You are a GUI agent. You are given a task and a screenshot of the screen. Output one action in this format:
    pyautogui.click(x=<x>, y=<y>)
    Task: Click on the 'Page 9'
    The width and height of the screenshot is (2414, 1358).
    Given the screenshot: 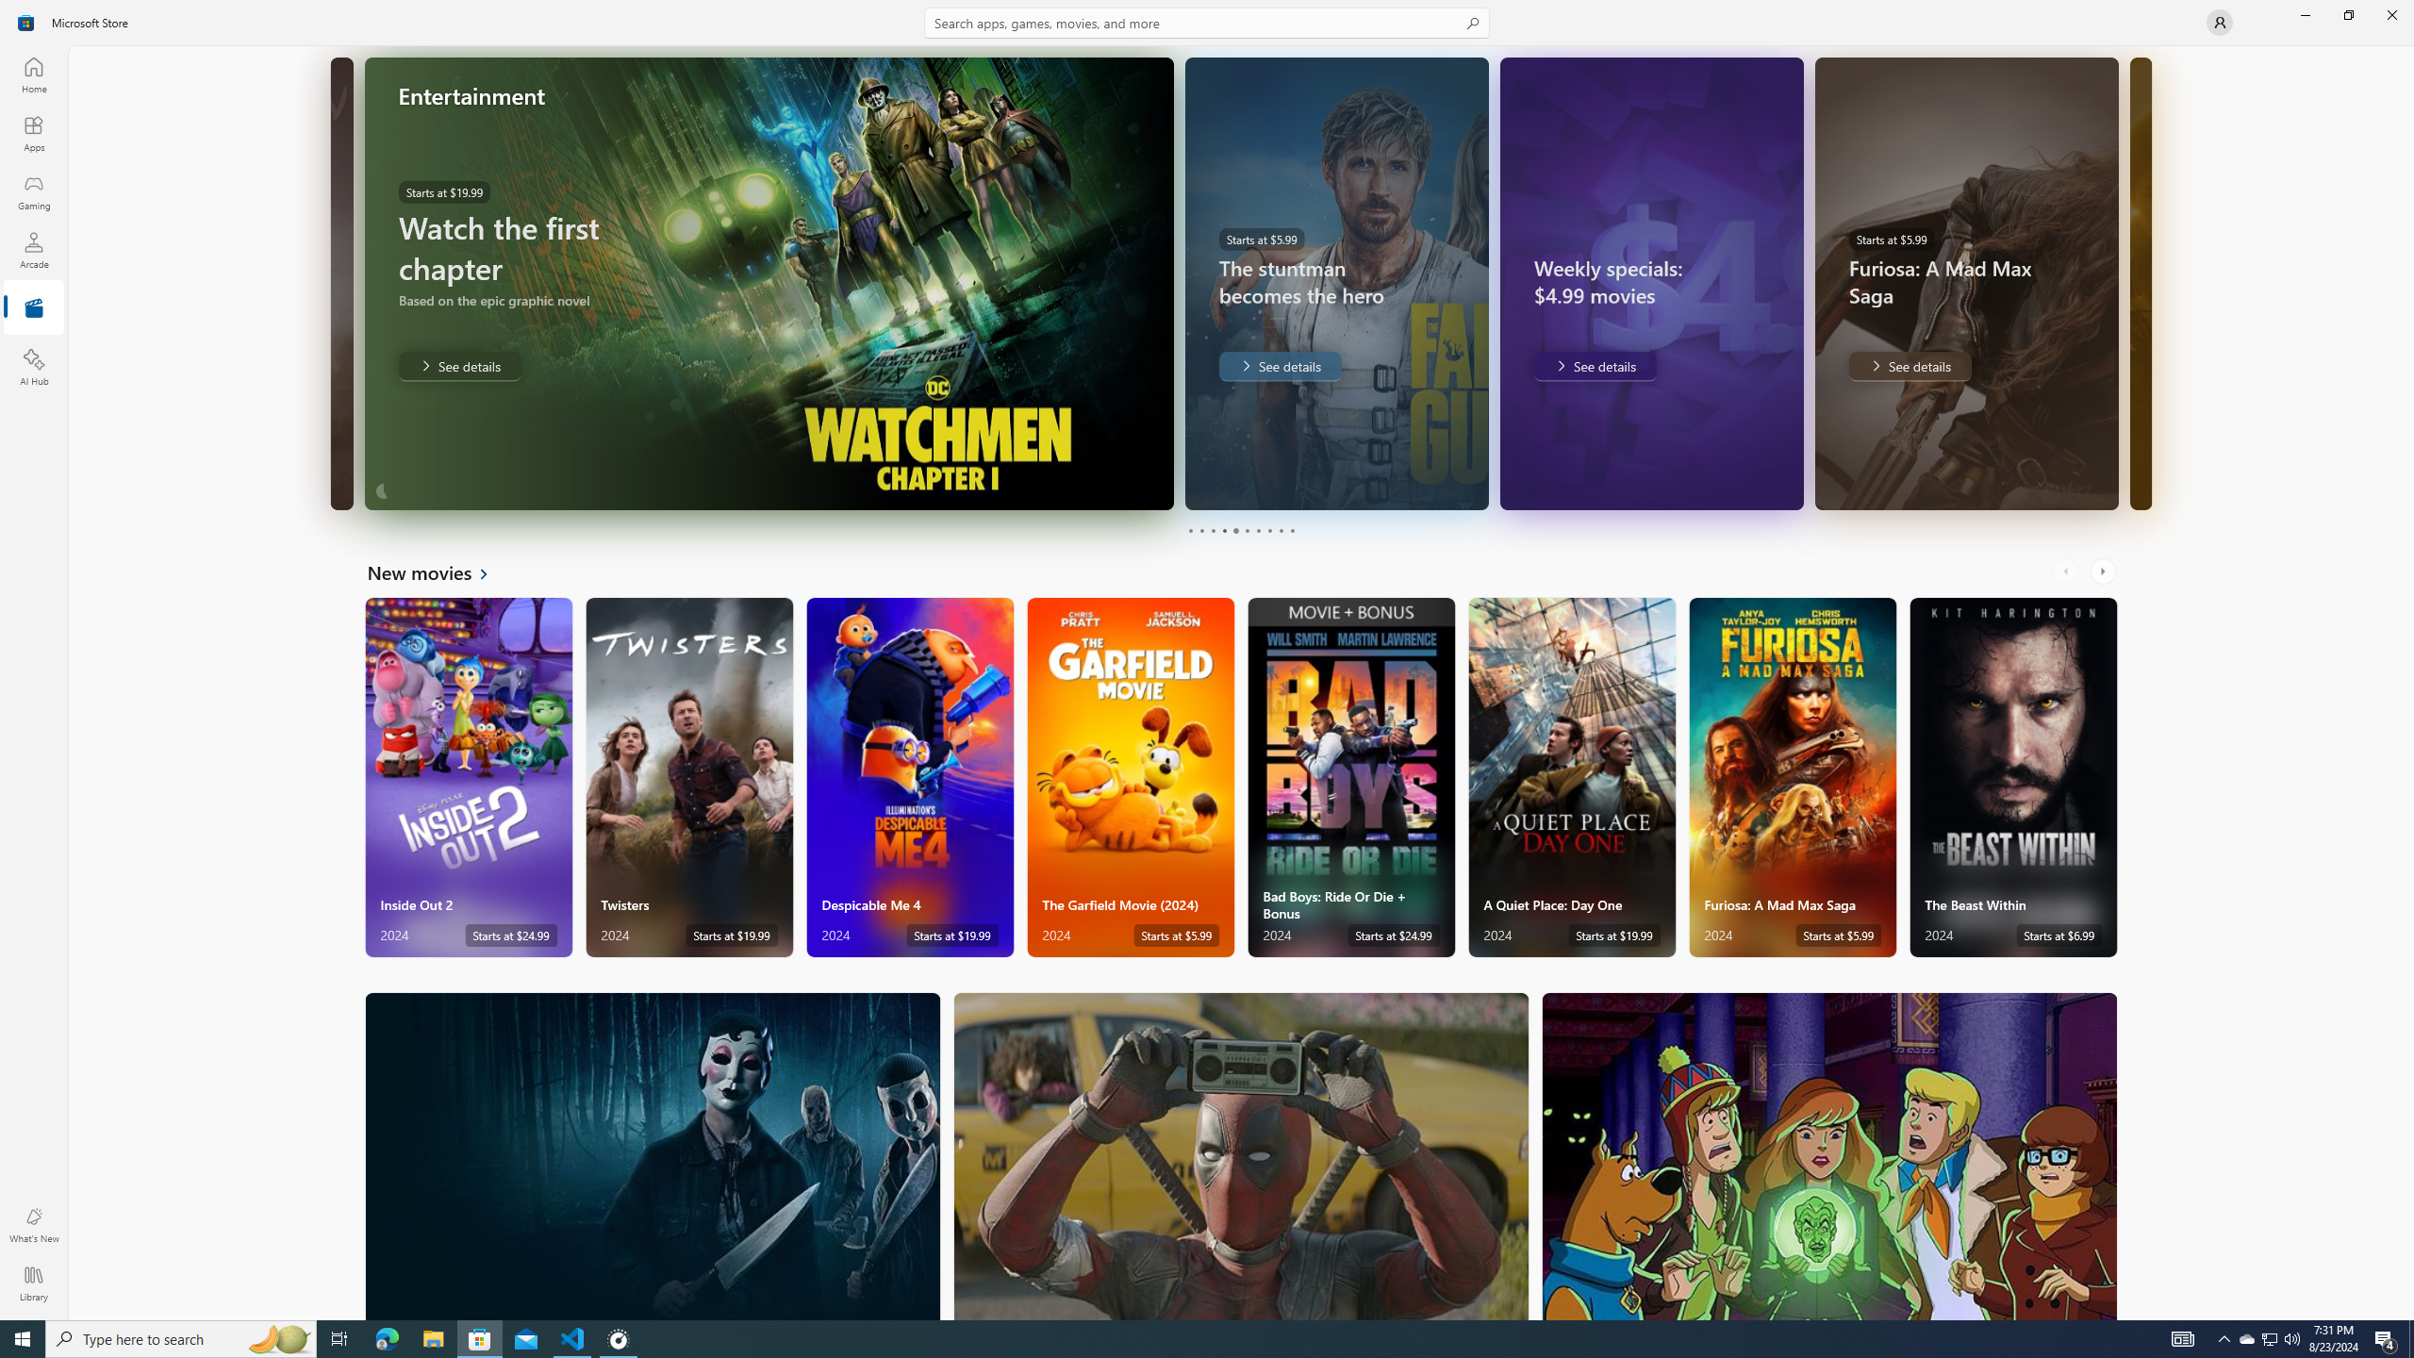 What is the action you would take?
    pyautogui.click(x=1280, y=530)
    